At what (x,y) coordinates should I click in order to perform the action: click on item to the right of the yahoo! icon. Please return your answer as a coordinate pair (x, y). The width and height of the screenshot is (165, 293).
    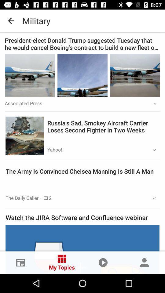
    Looking at the image, I should click on (152, 150).